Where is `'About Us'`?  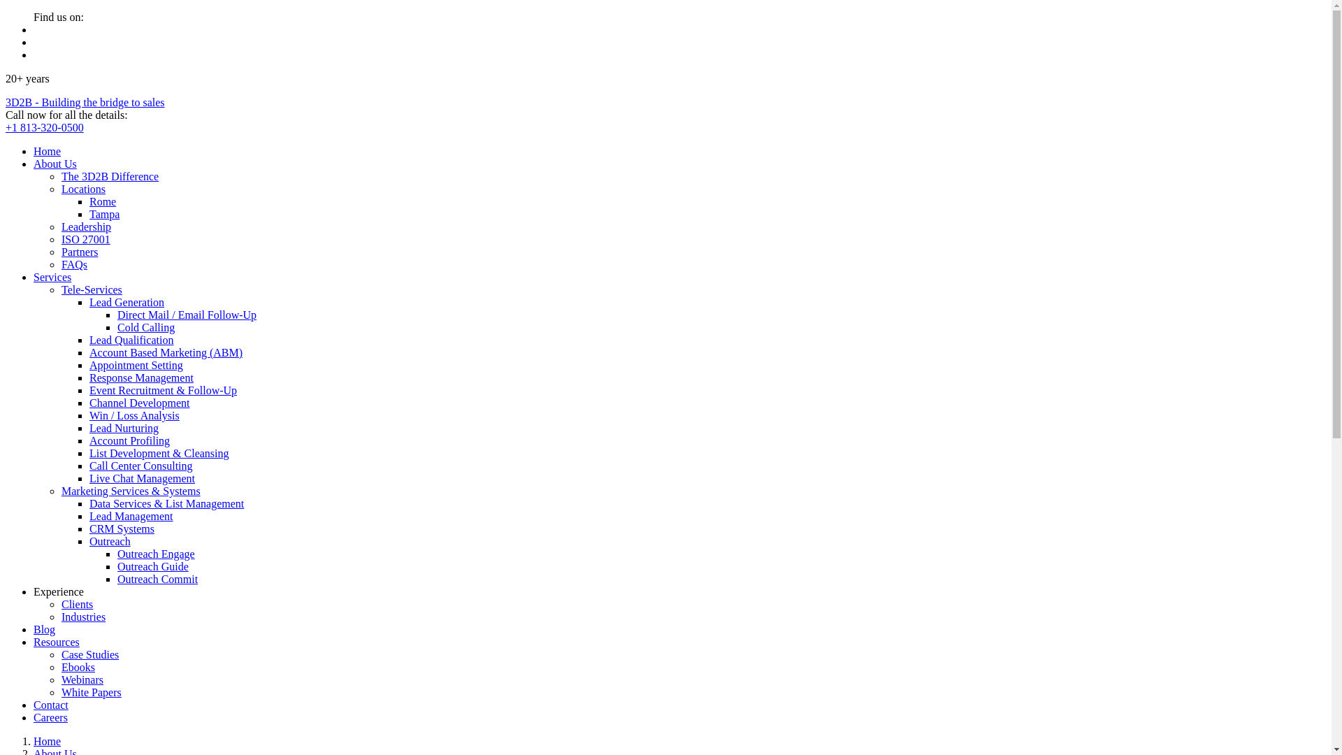 'About Us' is located at coordinates (55, 163).